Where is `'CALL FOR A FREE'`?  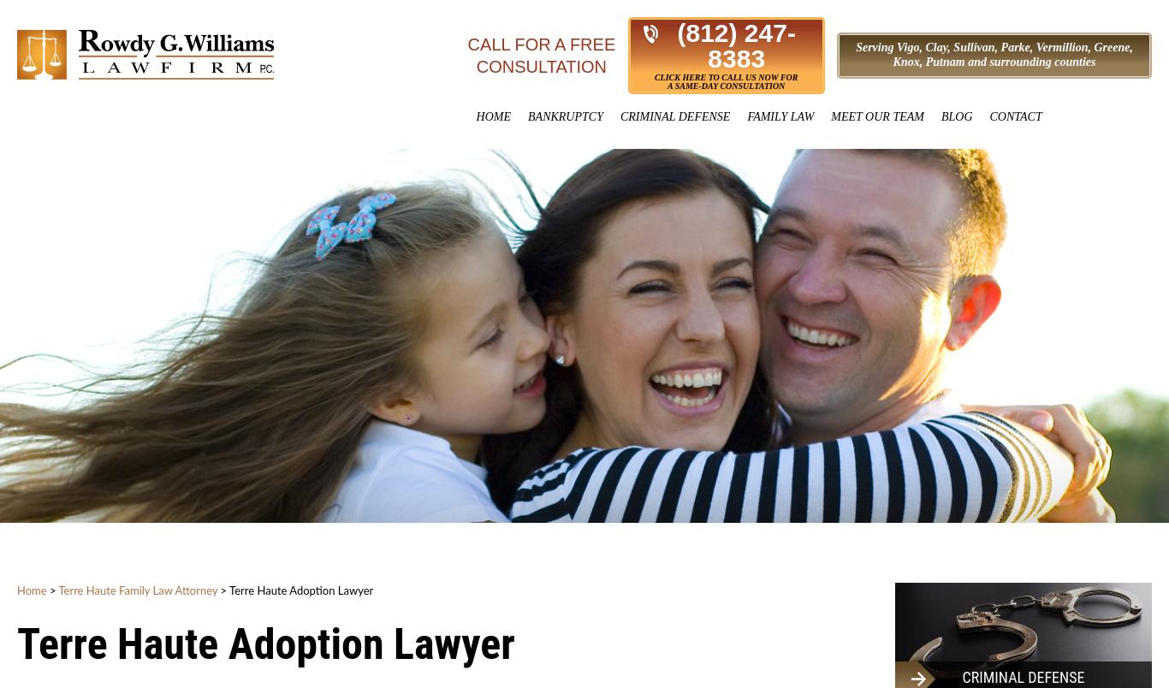
'CALL FOR A FREE' is located at coordinates (540, 44).